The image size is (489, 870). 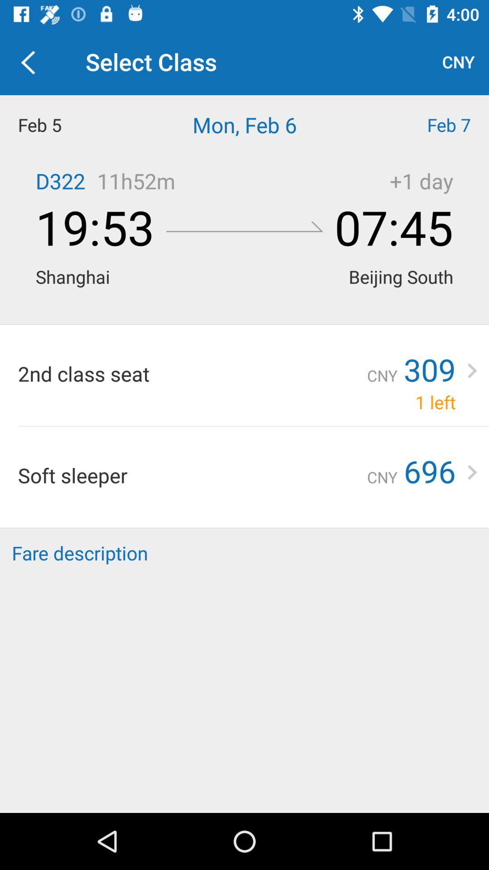 I want to click on the icon to the left of the mon, feb 6 icon, so click(x=61, y=124).